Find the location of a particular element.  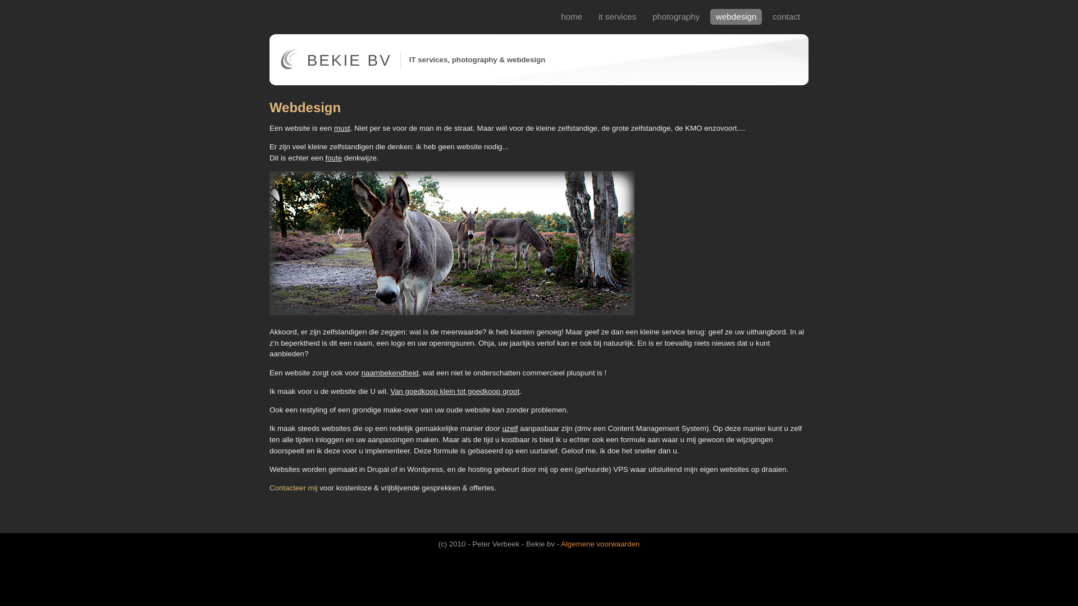

'webdesign' is located at coordinates (737, 16).